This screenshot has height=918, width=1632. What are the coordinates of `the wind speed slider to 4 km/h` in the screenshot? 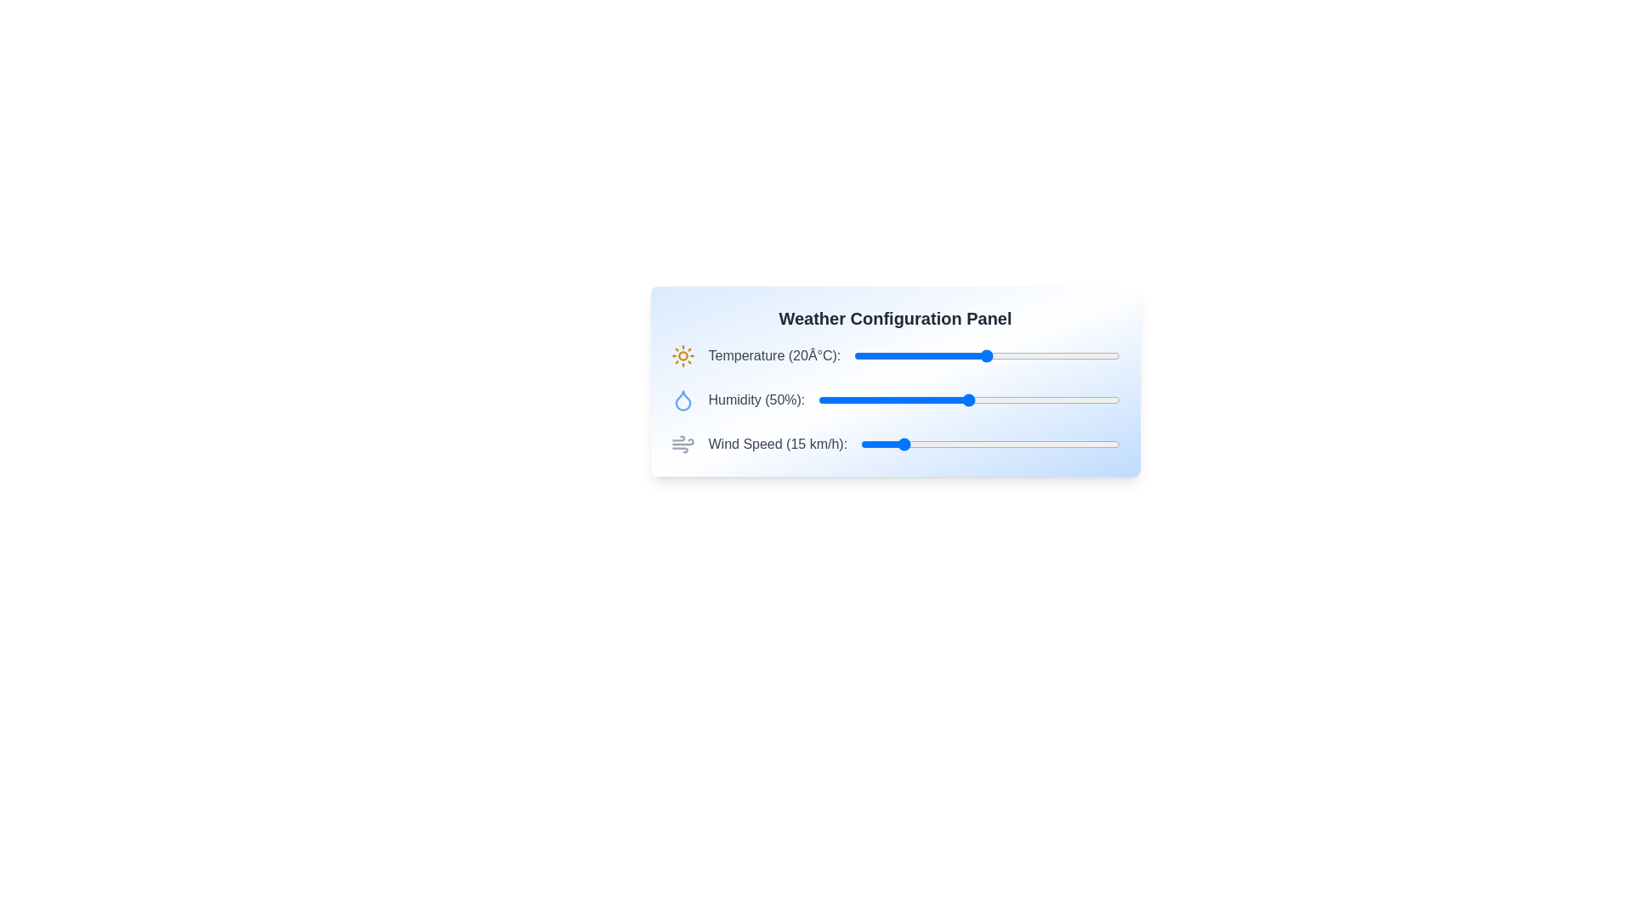 It's located at (871, 444).